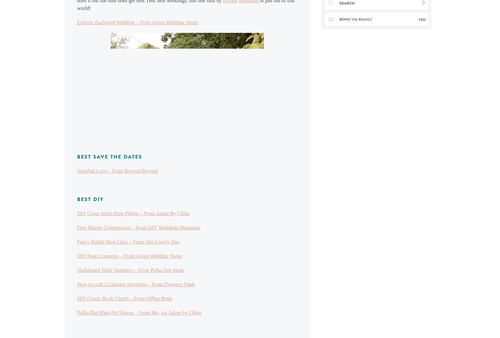 This screenshot has width=500, height=338. Describe the element at coordinates (137, 22) in the screenshot. I see `'Eclectic Backyard Wedding – From Green Wedding Shoes'` at that location.